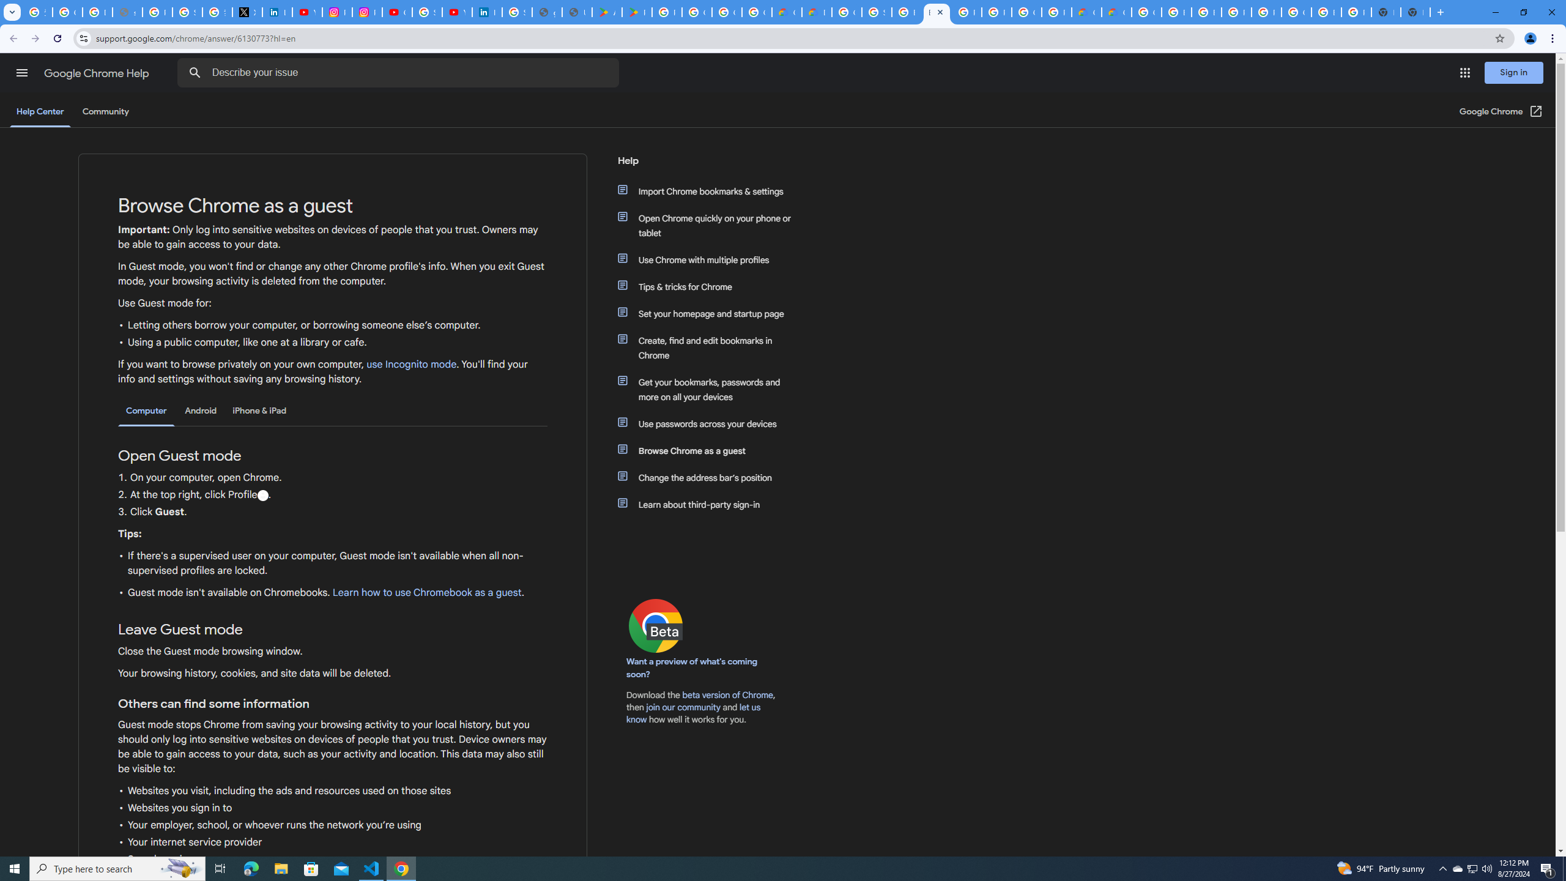 Image resolution: width=1566 pixels, height=881 pixels. Describe the element at coordinates (711, 348) in the screenshot. I see `'Create, find and edit bookmarks in Chrome'` at that location.